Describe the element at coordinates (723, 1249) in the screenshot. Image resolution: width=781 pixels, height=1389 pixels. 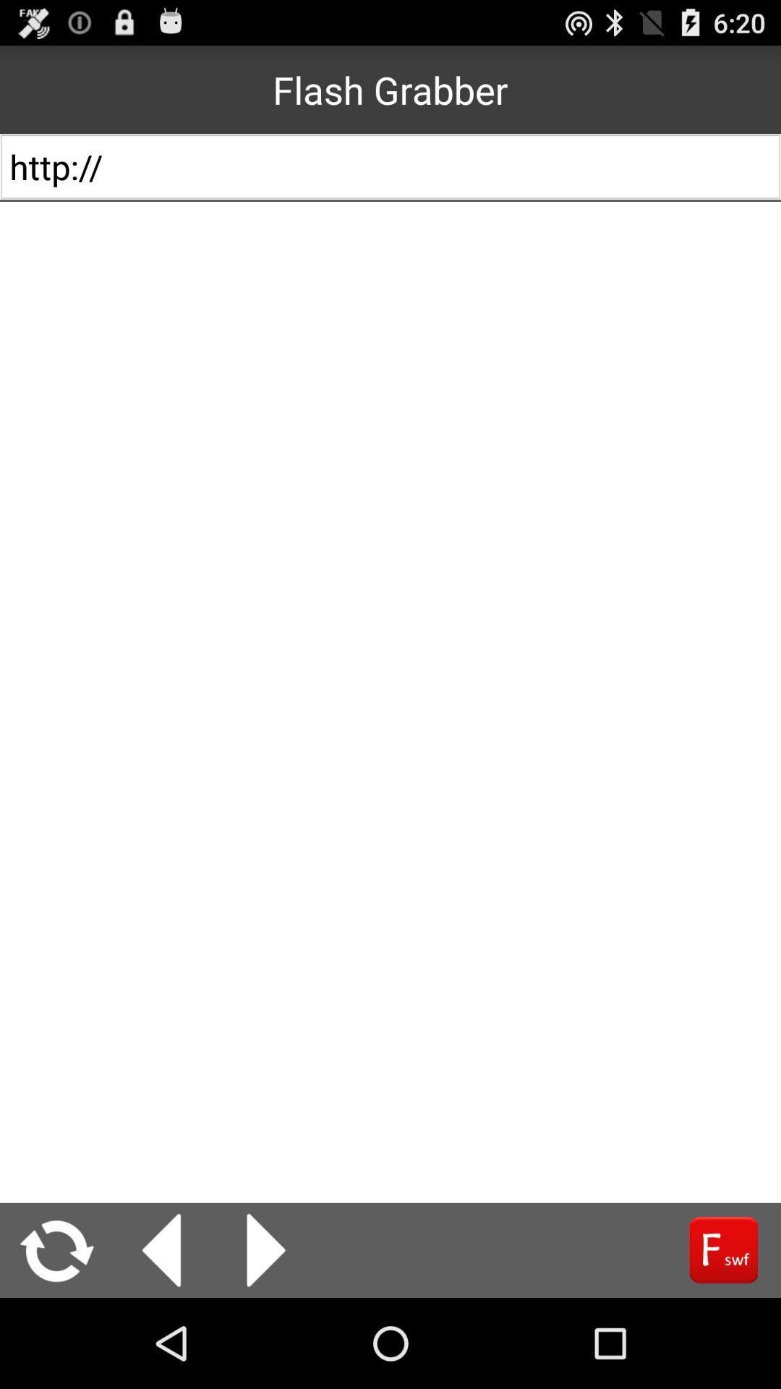
I see `f swf shock wave flash` at that location.